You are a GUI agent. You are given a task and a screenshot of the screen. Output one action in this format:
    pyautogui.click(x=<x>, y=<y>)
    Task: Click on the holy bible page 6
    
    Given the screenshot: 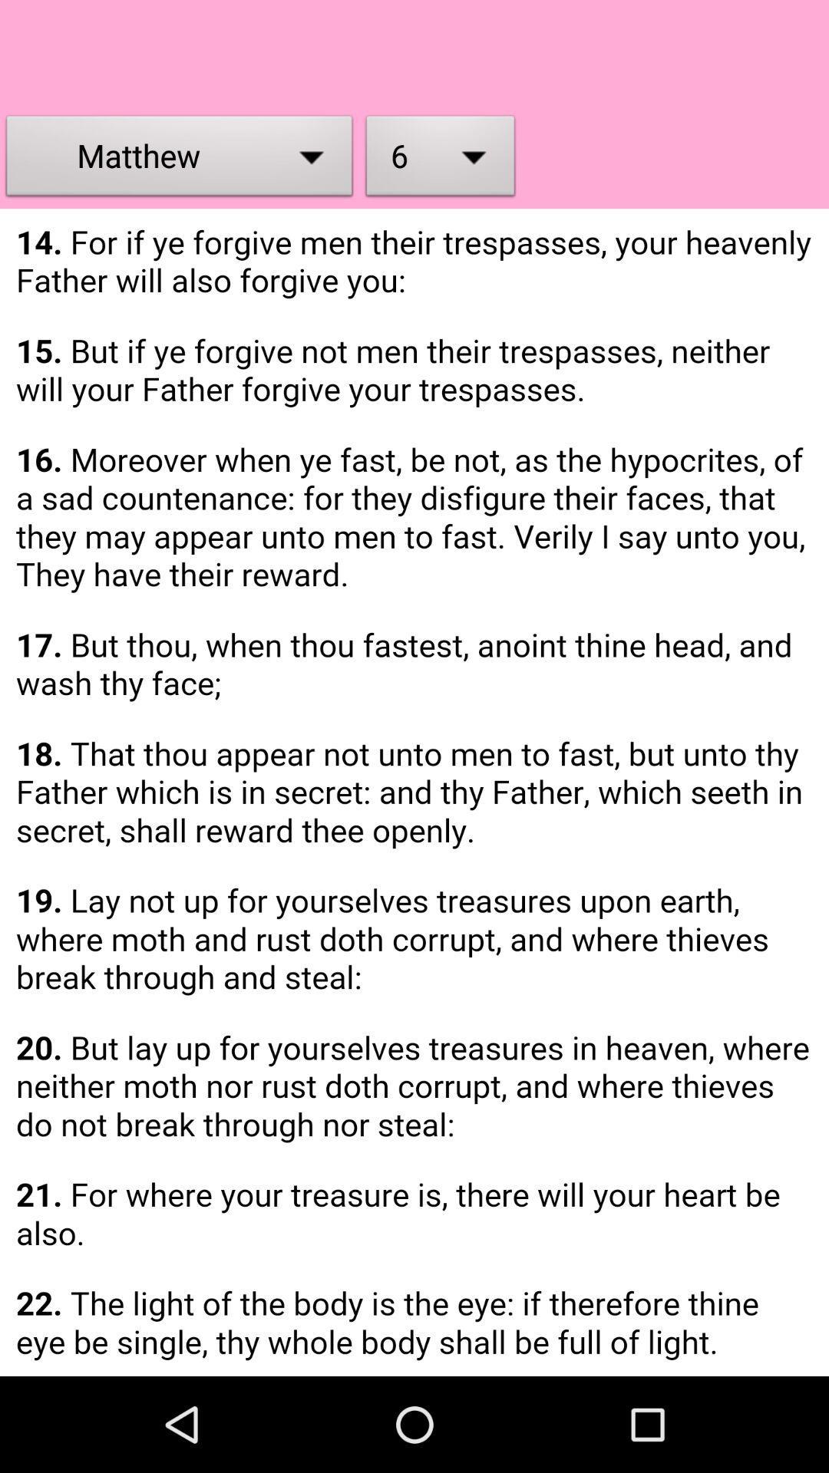 What is the action you would take?
    pyautogui.click(x=414, y=793)
    